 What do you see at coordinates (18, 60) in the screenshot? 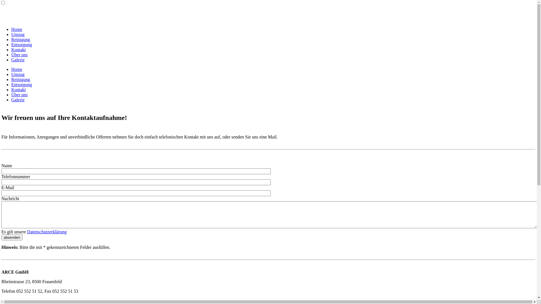
I see `'Galerie'` at bounding box center [18, 60].